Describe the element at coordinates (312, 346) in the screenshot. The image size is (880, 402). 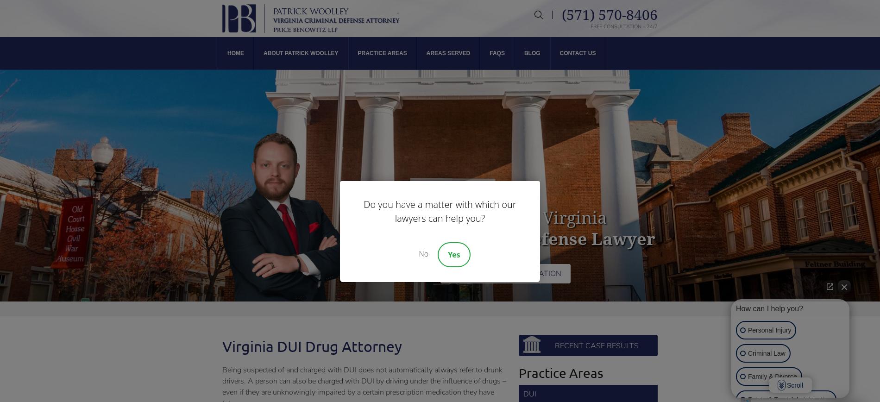
I see `'Virginia DUI Drug Attorney'` at that location.